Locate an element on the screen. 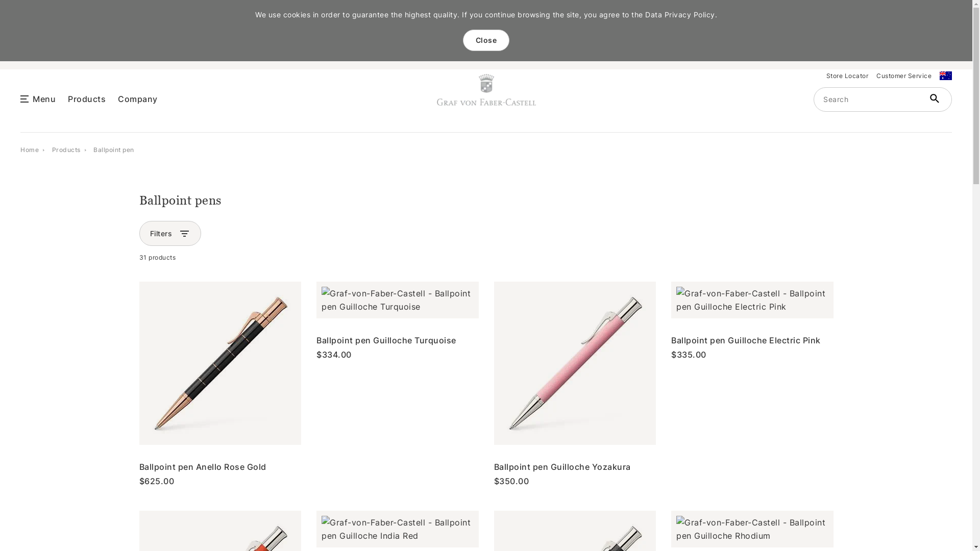 The image size is (980, 551). 'navi-graf-von-faber-castell-Logo-130px' is located at coordinates (486, 89).